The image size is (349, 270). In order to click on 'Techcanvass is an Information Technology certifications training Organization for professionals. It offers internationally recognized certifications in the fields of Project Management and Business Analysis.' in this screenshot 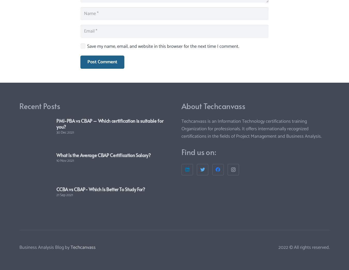, I will do `click(181, 128)`.